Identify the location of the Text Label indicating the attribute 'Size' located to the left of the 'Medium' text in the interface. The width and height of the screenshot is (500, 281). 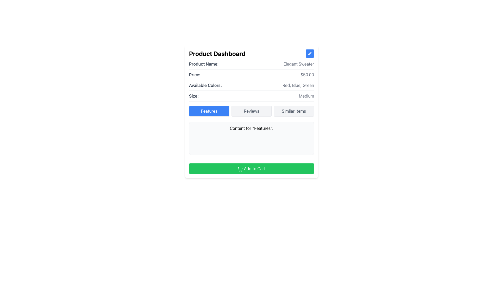
(193, 96).